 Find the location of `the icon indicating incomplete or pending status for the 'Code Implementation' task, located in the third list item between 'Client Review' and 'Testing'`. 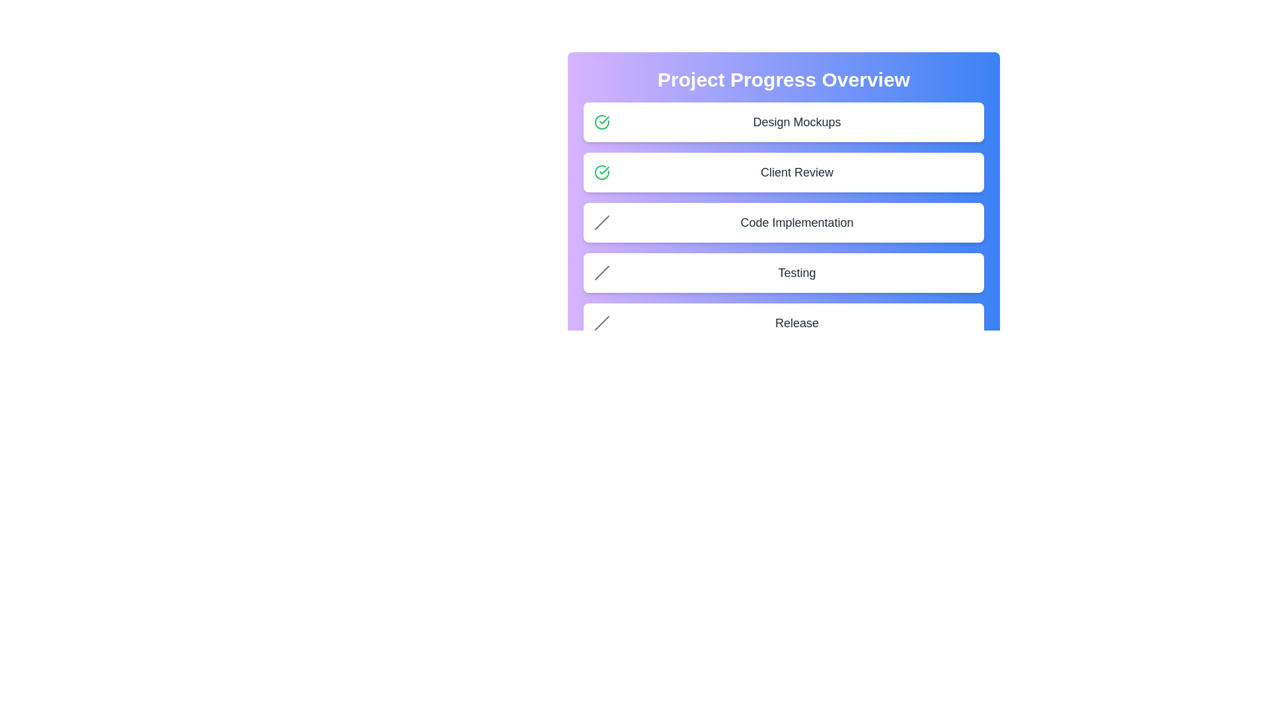

the icon indicating incomplete or pending status for the 'Code Implementation' task, located in the third list item between 'Client Review' and 'Testing' is located at coordinates (601, 221).